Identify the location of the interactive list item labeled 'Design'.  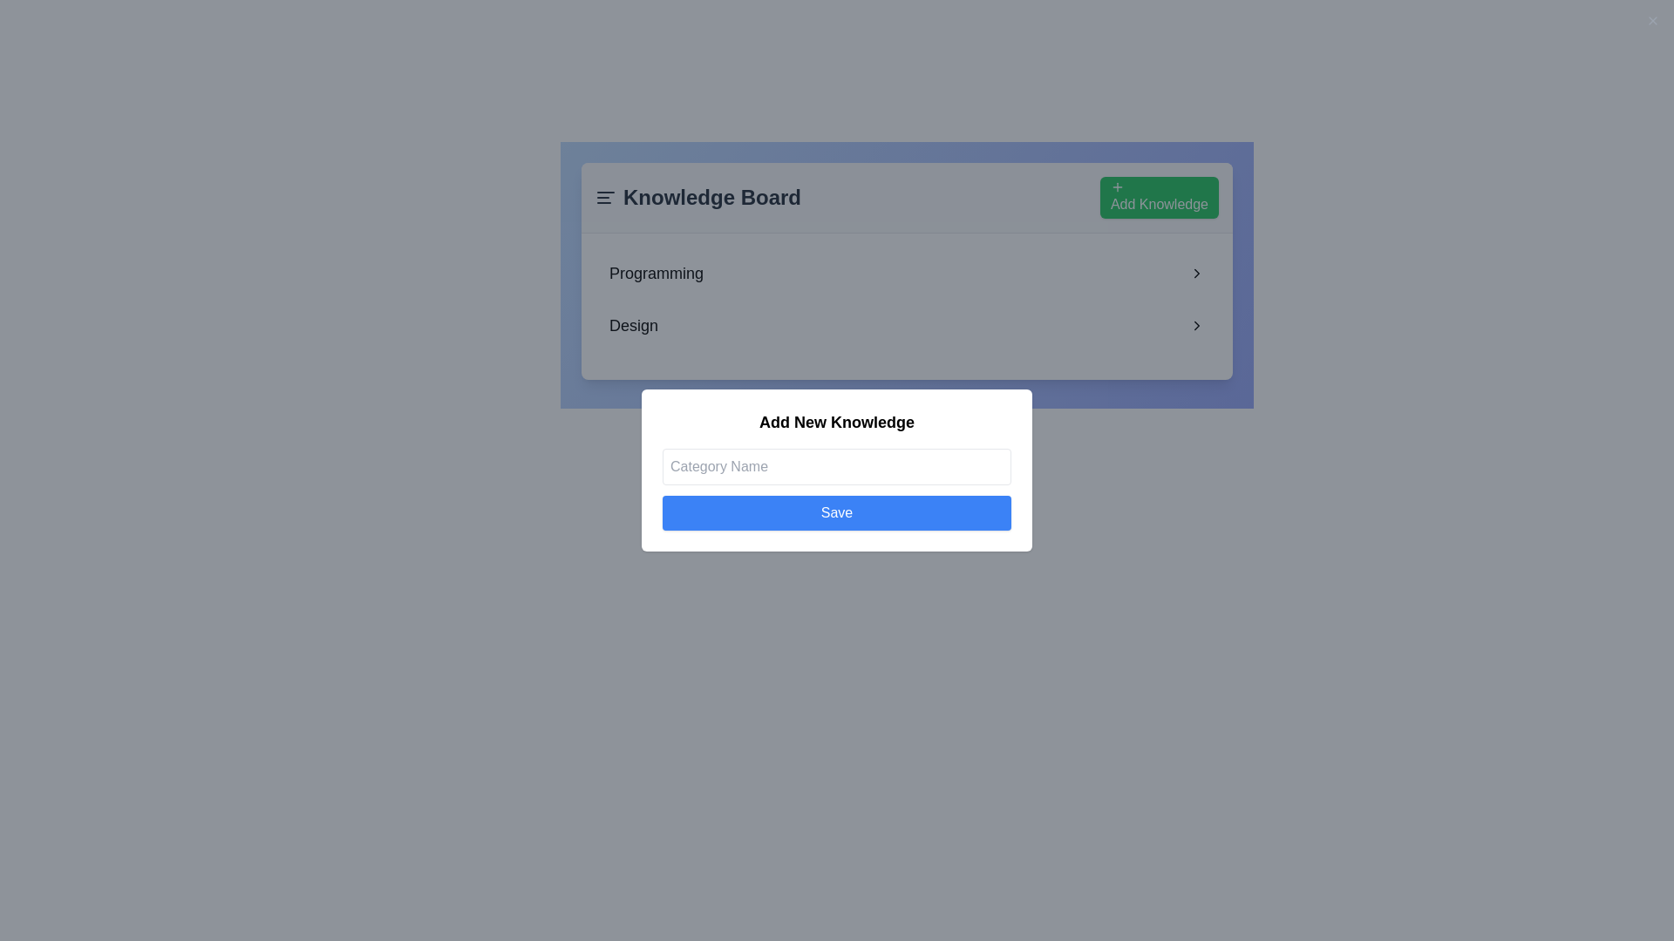
(907, 326).